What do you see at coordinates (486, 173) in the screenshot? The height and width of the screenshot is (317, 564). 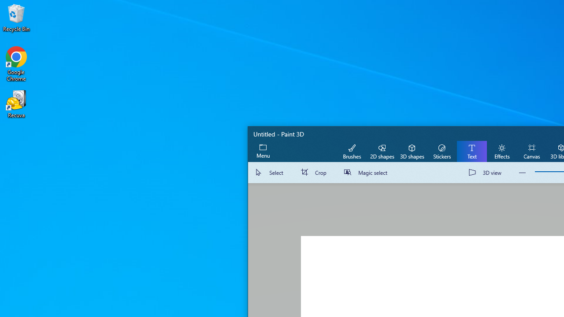 I see `'3D view'` at bounding box center [486, 173].